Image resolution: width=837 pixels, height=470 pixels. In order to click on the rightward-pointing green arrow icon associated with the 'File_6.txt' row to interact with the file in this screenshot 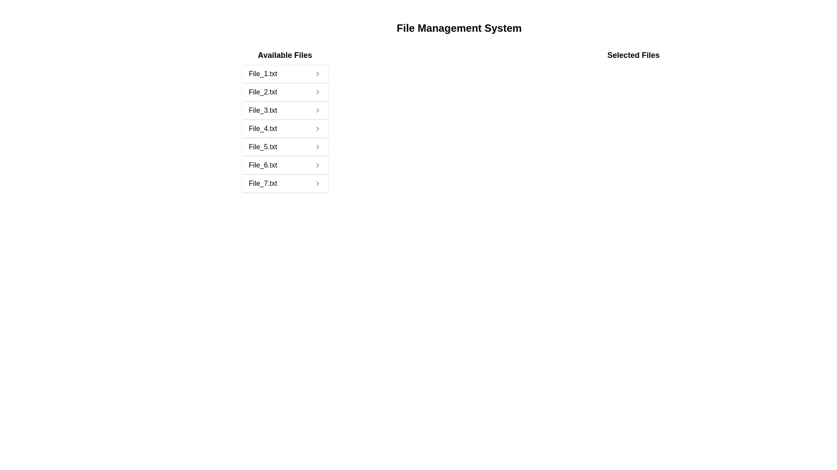, I will do `click(317, 165)`.